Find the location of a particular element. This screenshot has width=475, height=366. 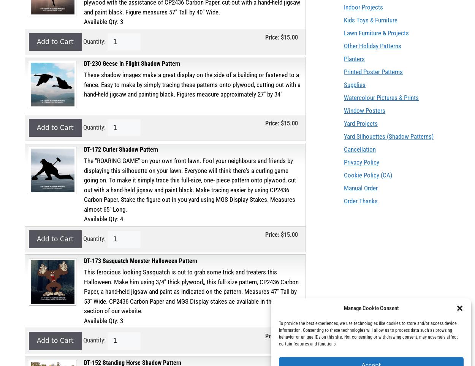

'Lawn Furniture & Projects' is located at coordinates (376, 33).